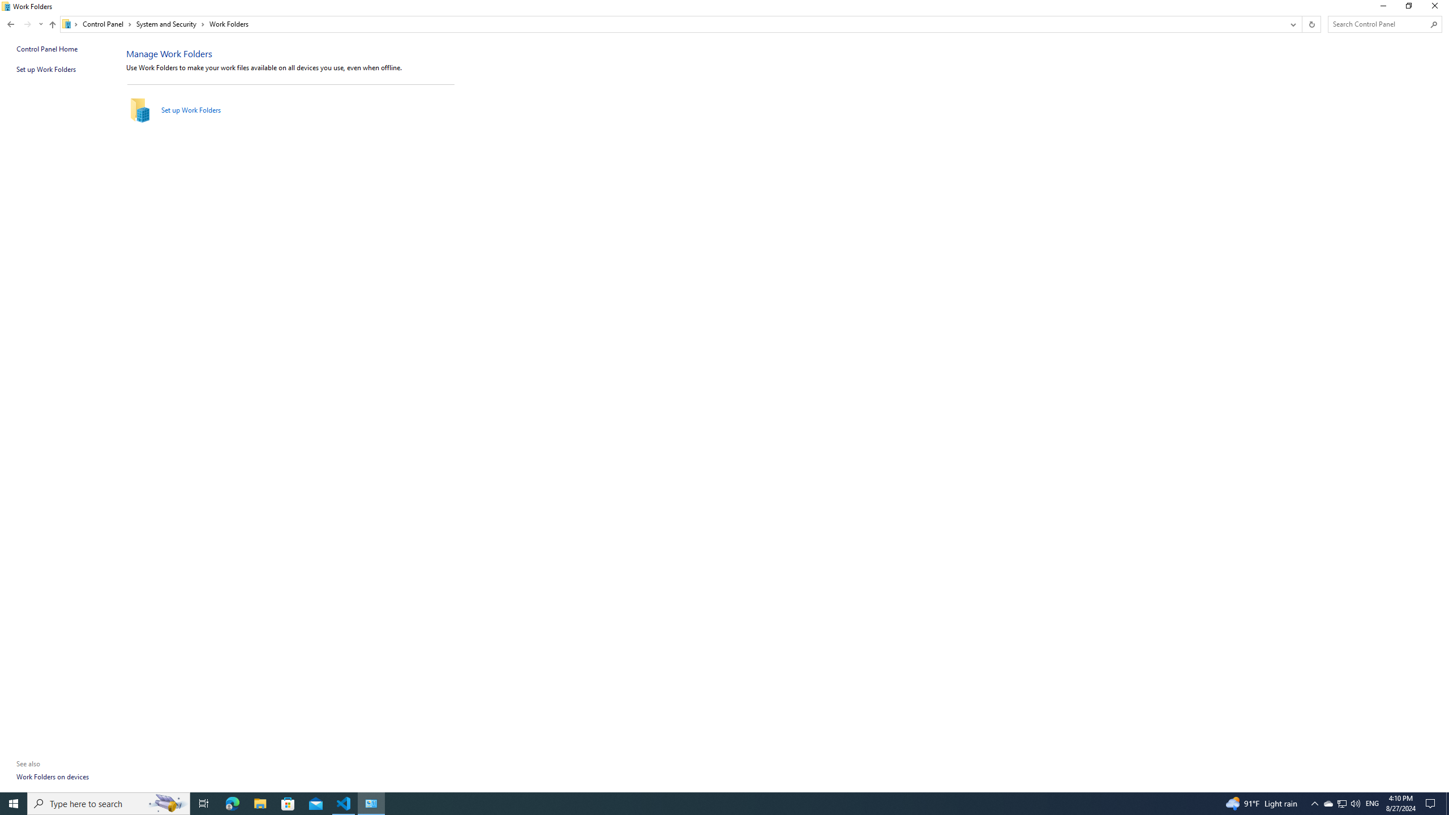 This screenshot has height=815, width=1449. Describe the element at coordinates (106, 24) in the screenshot. I see `'Control Panel'` at that location.